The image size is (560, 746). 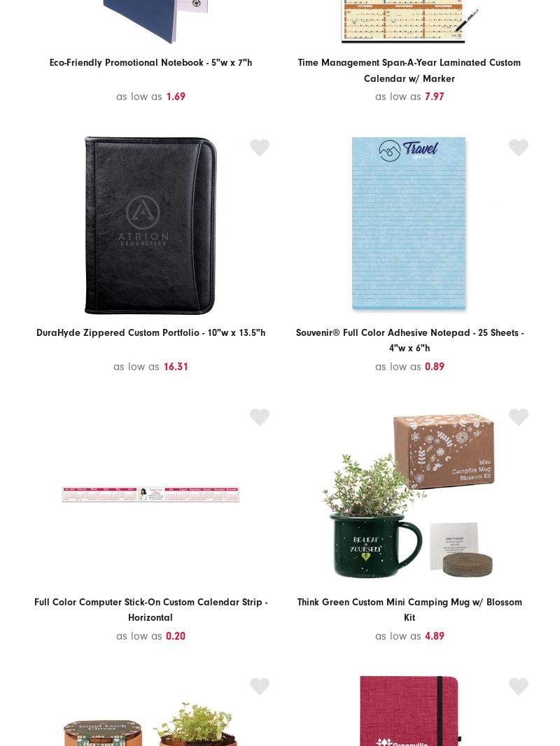 I want to click on 'Full Color Computer Stick-On Custom Calendar Strip - Horizontal', so click(x=33, y=610).